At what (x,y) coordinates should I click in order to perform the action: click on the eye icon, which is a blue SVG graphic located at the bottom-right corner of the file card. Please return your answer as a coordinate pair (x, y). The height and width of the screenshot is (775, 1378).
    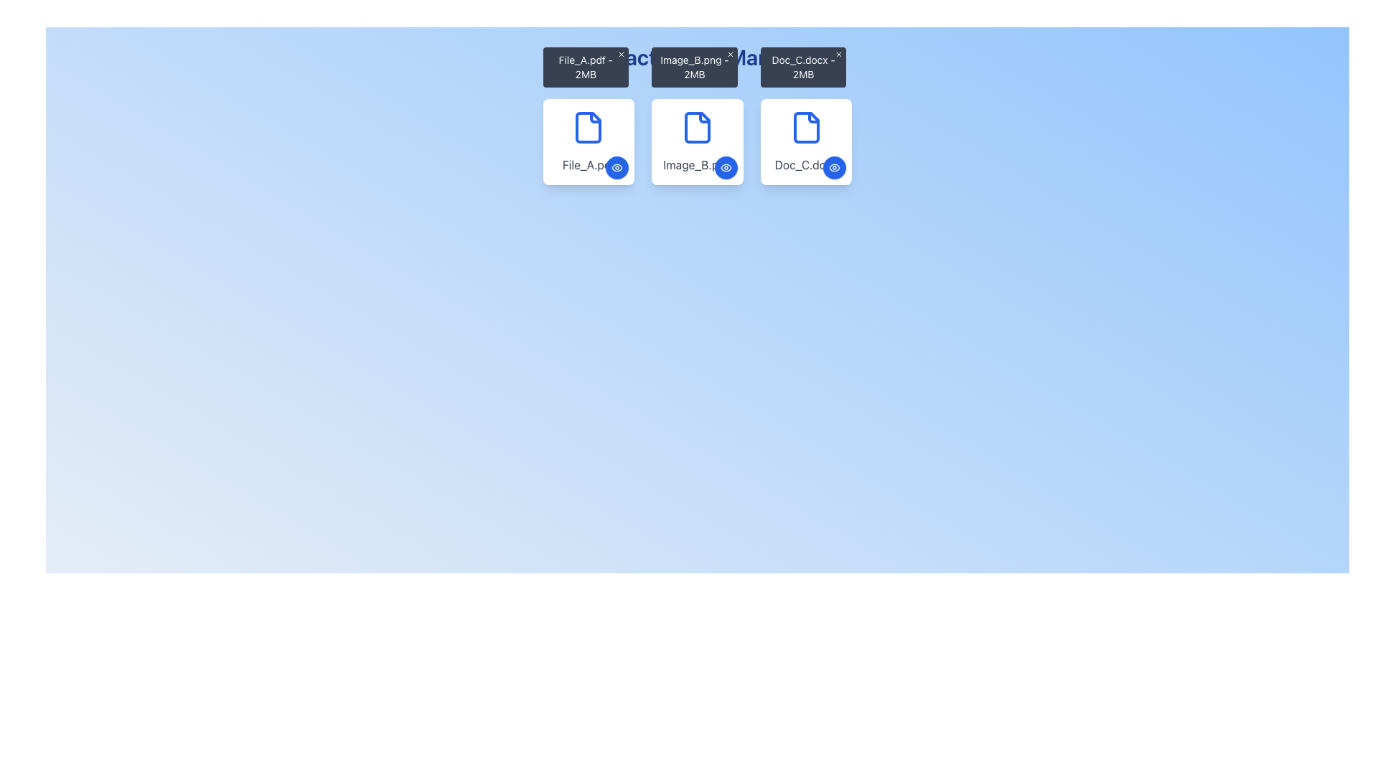
    Looking at the image, I should click on (617, 167).